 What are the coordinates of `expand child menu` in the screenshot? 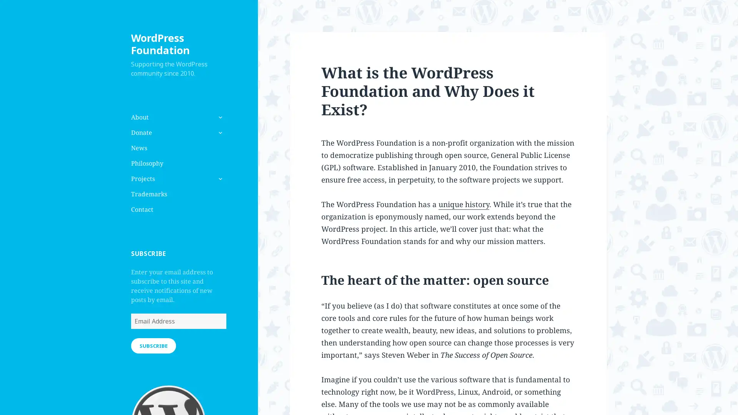 It's located at (219, 179).